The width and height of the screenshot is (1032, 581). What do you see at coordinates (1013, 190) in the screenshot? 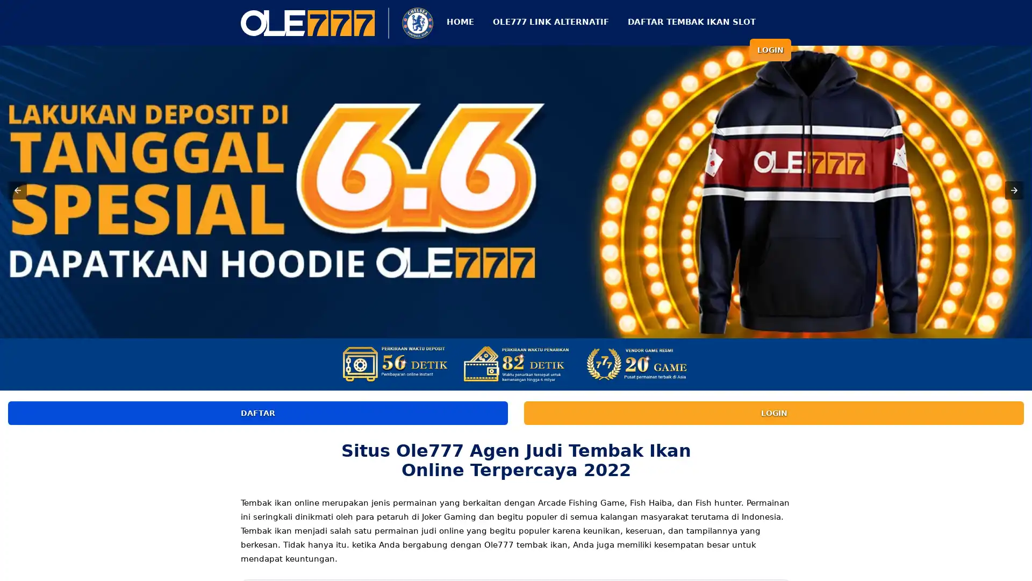
I see `Next item in carousel (3 of 3)` at bounding box center [1013, 190].